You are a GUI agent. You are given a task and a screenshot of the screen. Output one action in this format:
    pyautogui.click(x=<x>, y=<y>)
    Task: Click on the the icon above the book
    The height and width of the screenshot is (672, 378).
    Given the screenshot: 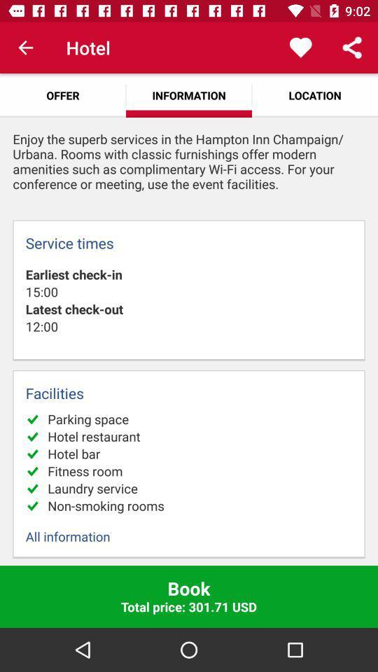 What is the action you would take?
    pyautogui.click(x=189, y=535)
    